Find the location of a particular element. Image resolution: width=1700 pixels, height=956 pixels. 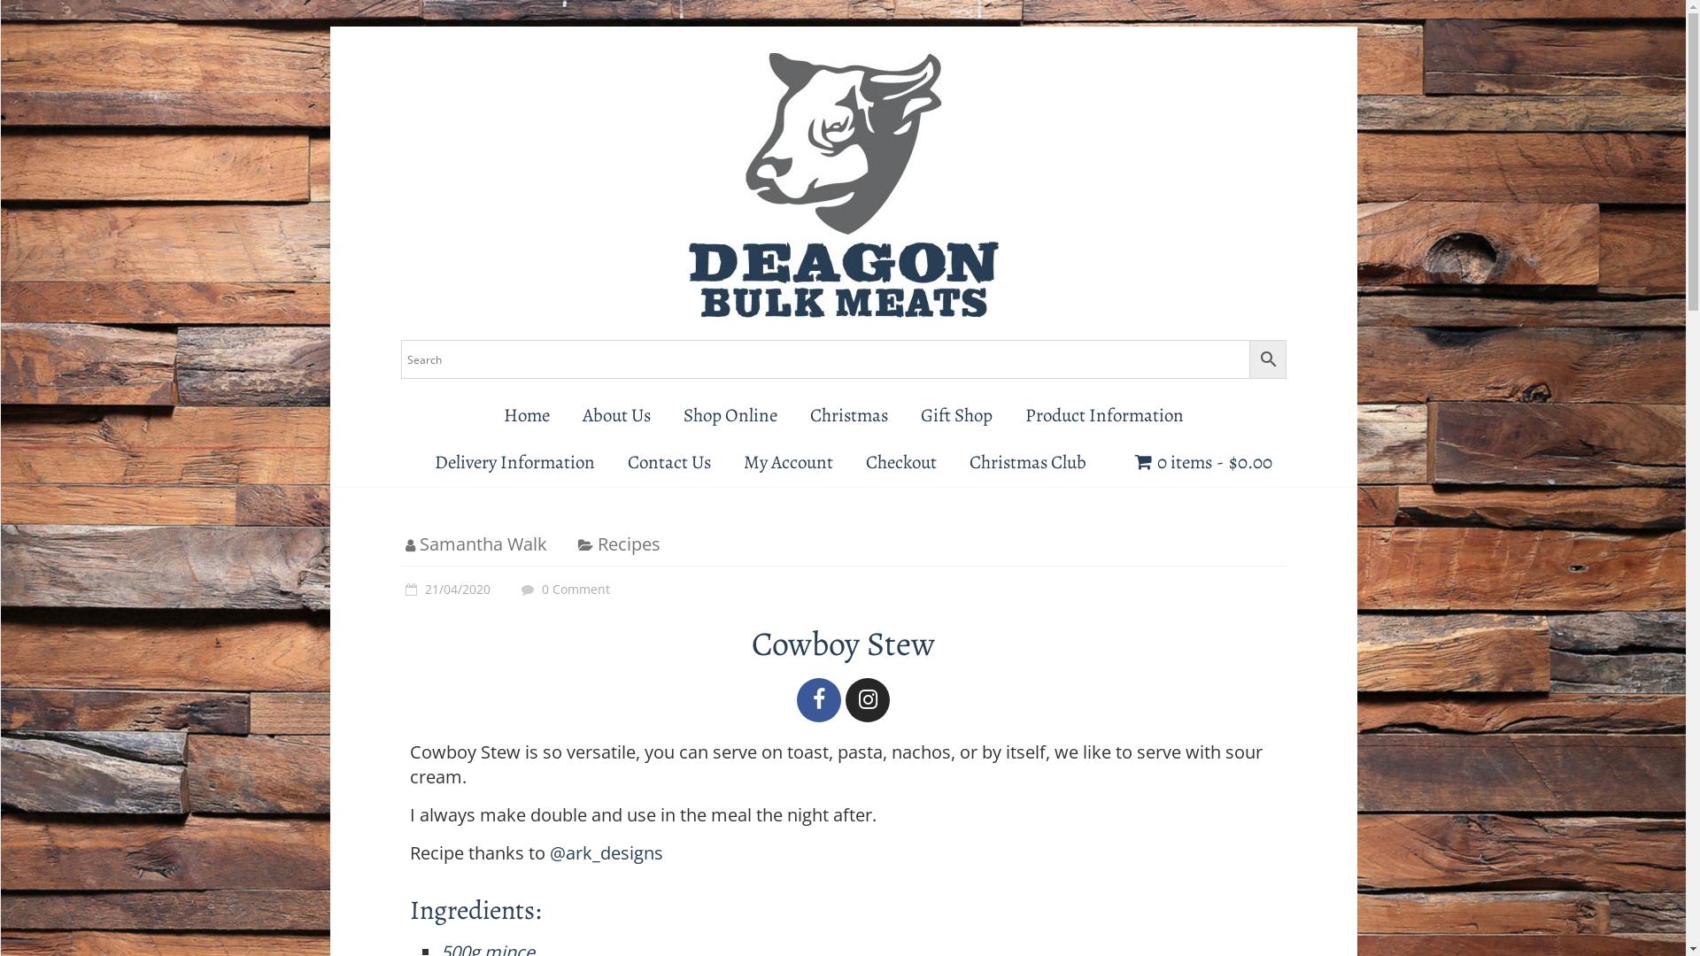

'@ark_designs' is located at coordinates (606, 852).